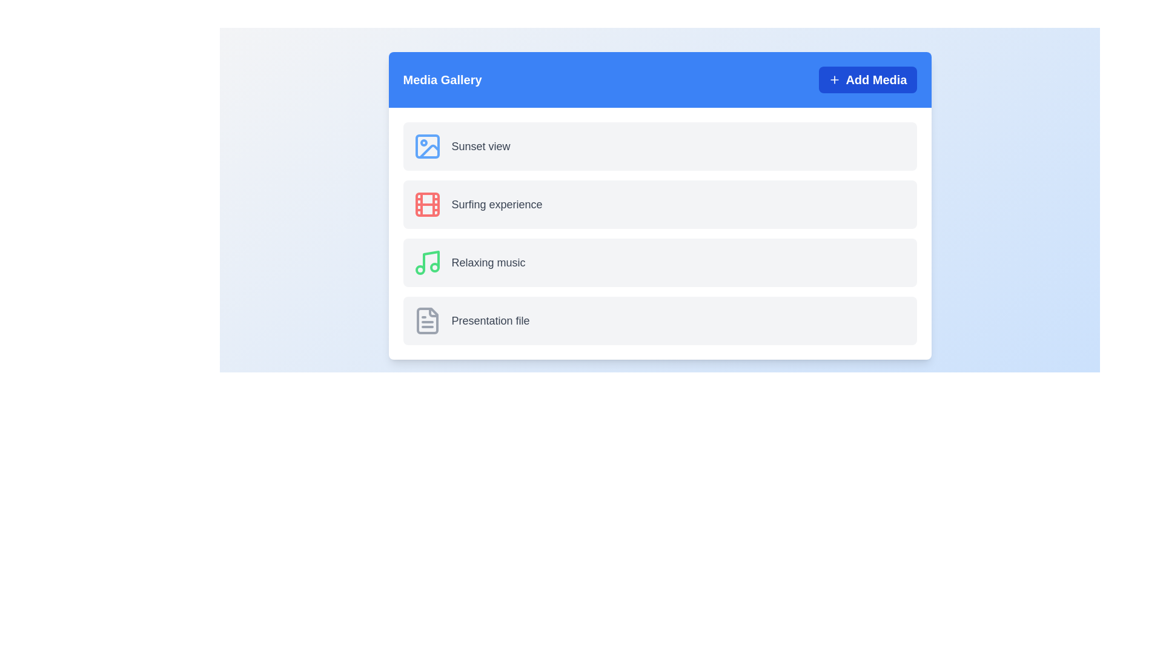  Describe the element at coordinates (491, 320) in the screenshot. I see `the text label that describes the media type in the fourth position of the Media Gallery component, following 'Sunset view', 'Surfing experience', and 'Relaxing music'` at that location.